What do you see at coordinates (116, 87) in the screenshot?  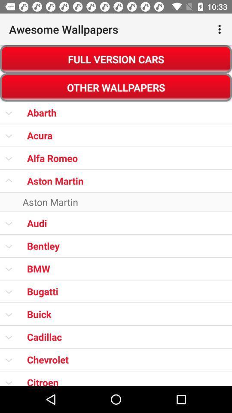 I see `the other wallpapers icon` at bounding box center [116, 87].